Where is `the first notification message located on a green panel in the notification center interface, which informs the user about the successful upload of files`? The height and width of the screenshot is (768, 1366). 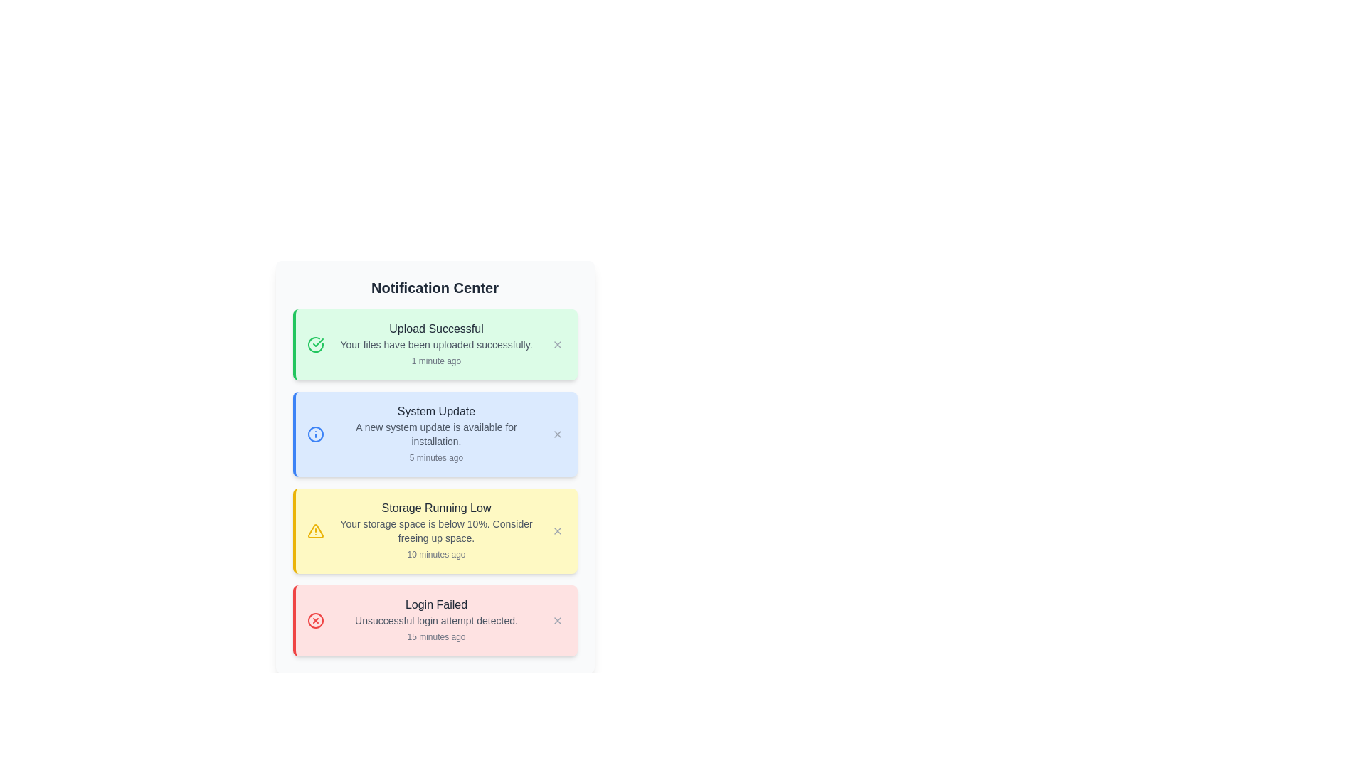 the first notification message located on a green panel in the notification center interface, which informs the user about the successful upload of files is located at coordinates (435, 345).